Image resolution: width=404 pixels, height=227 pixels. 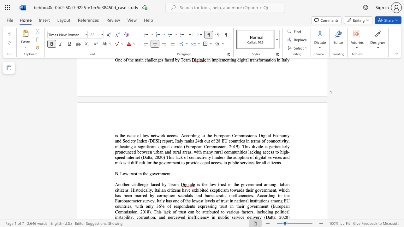 I want to click on the subset text "ccording to the European Commission" within the text "is the issue of low network access. According to the European Commission", so click(x=184, y=135).